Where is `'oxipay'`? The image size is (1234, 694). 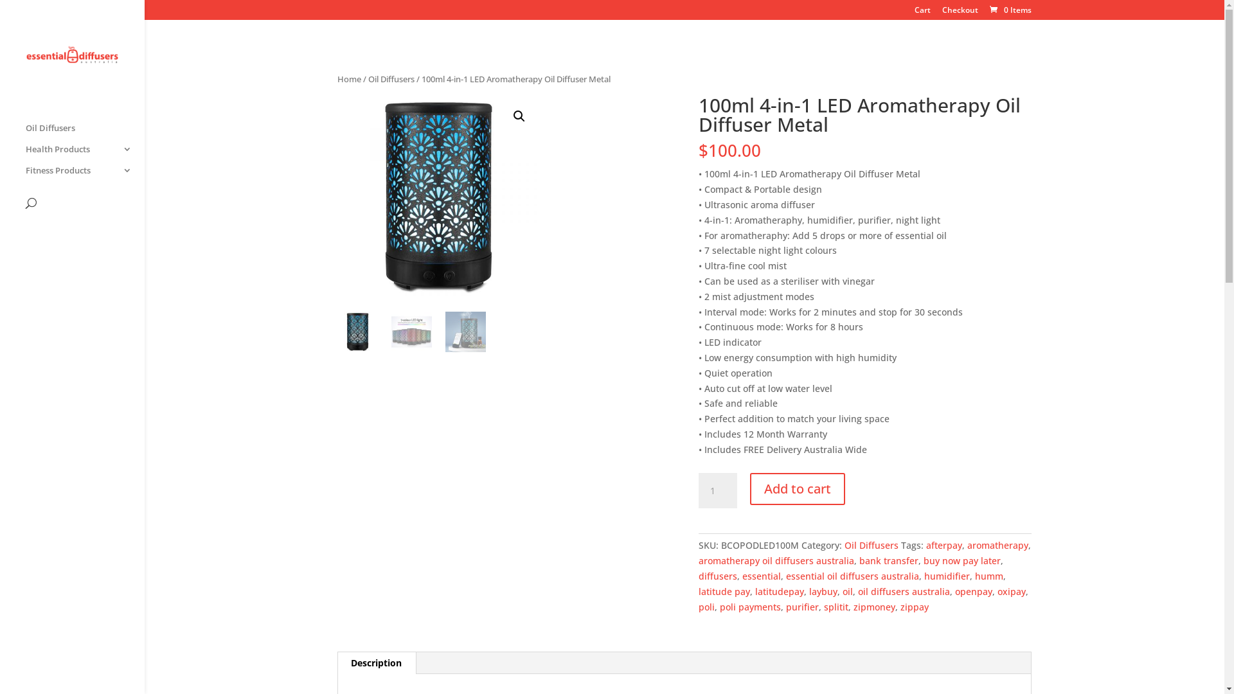
'oxipay' is located at coordinates (1011, 591).